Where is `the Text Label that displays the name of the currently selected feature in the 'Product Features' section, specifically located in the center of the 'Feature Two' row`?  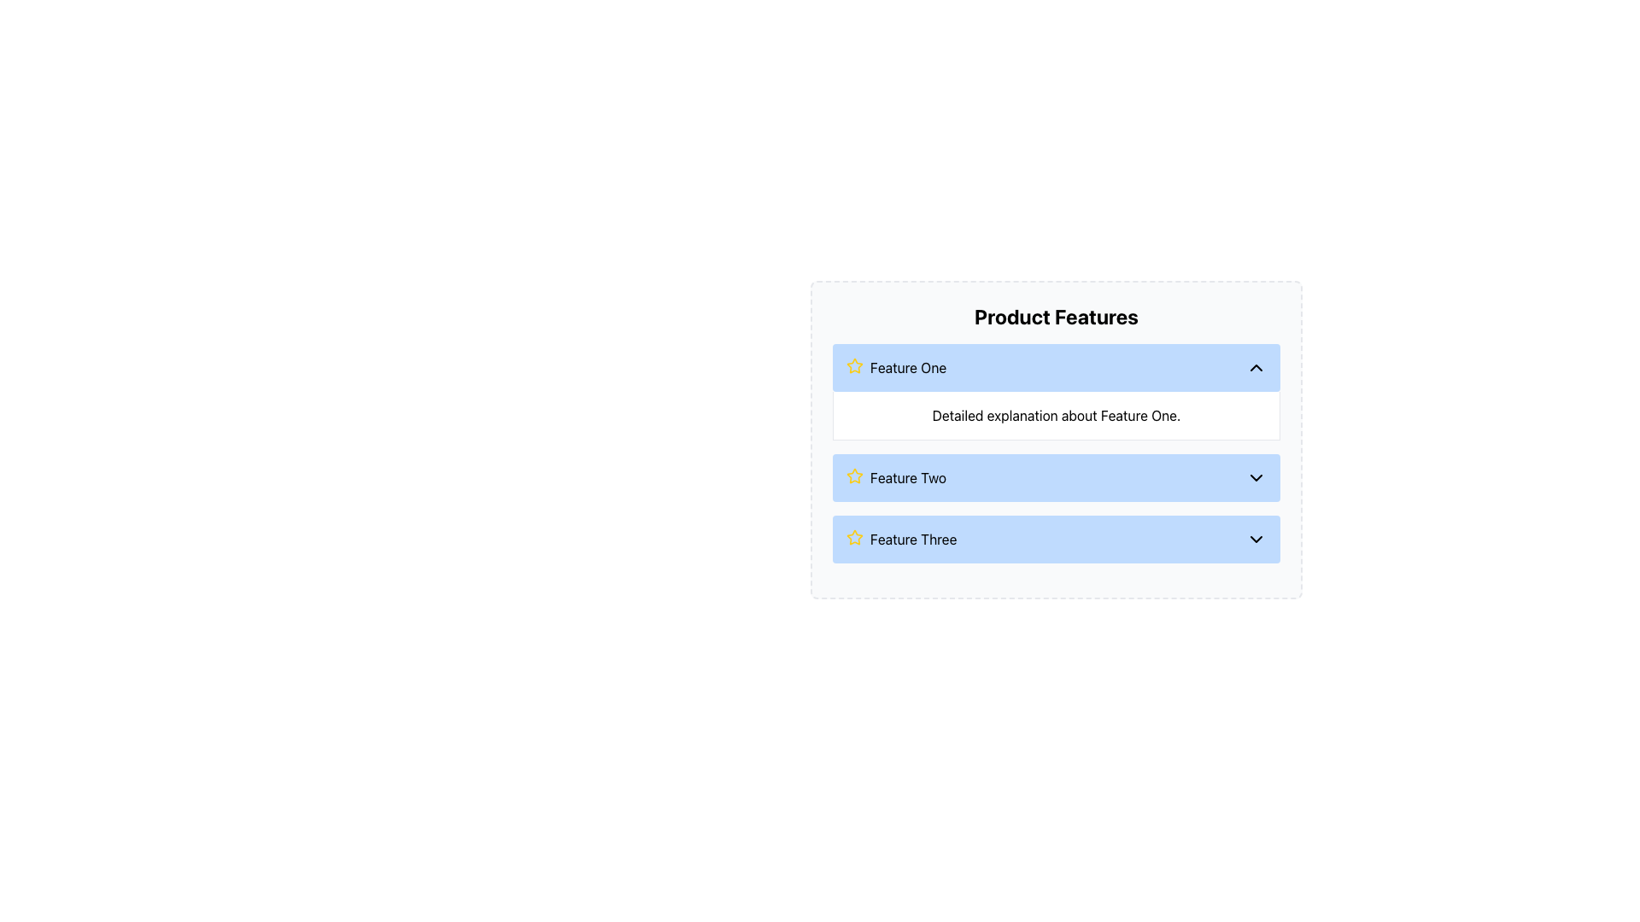
the Text Label that displays the name of the currently selected feature in the 'Product Features' section, specifically located in the center of the 'Feature Two' row is located at coordinates (895, 477).